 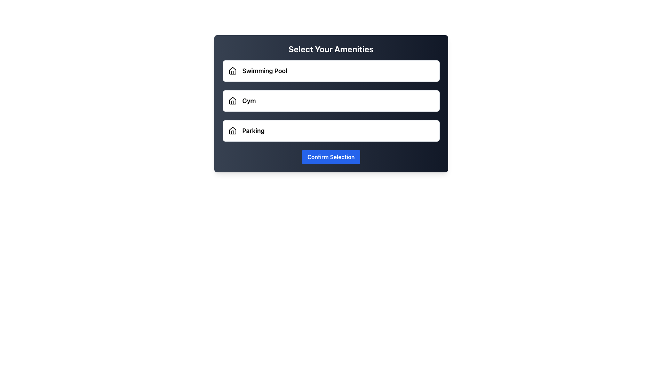 I want to click on the 'Gym' text label, which is the second selectable option in a vertical list within a modal dialog, helping users identify the gym selection among other amenities, so click(x=249, y=101).